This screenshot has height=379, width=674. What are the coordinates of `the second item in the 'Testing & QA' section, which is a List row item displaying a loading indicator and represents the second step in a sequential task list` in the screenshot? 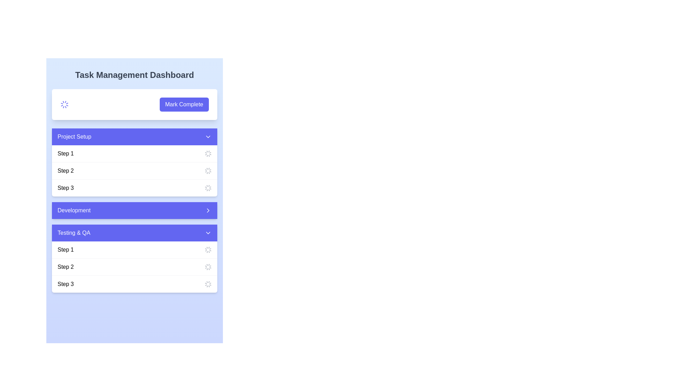 It's located at (134, 267).